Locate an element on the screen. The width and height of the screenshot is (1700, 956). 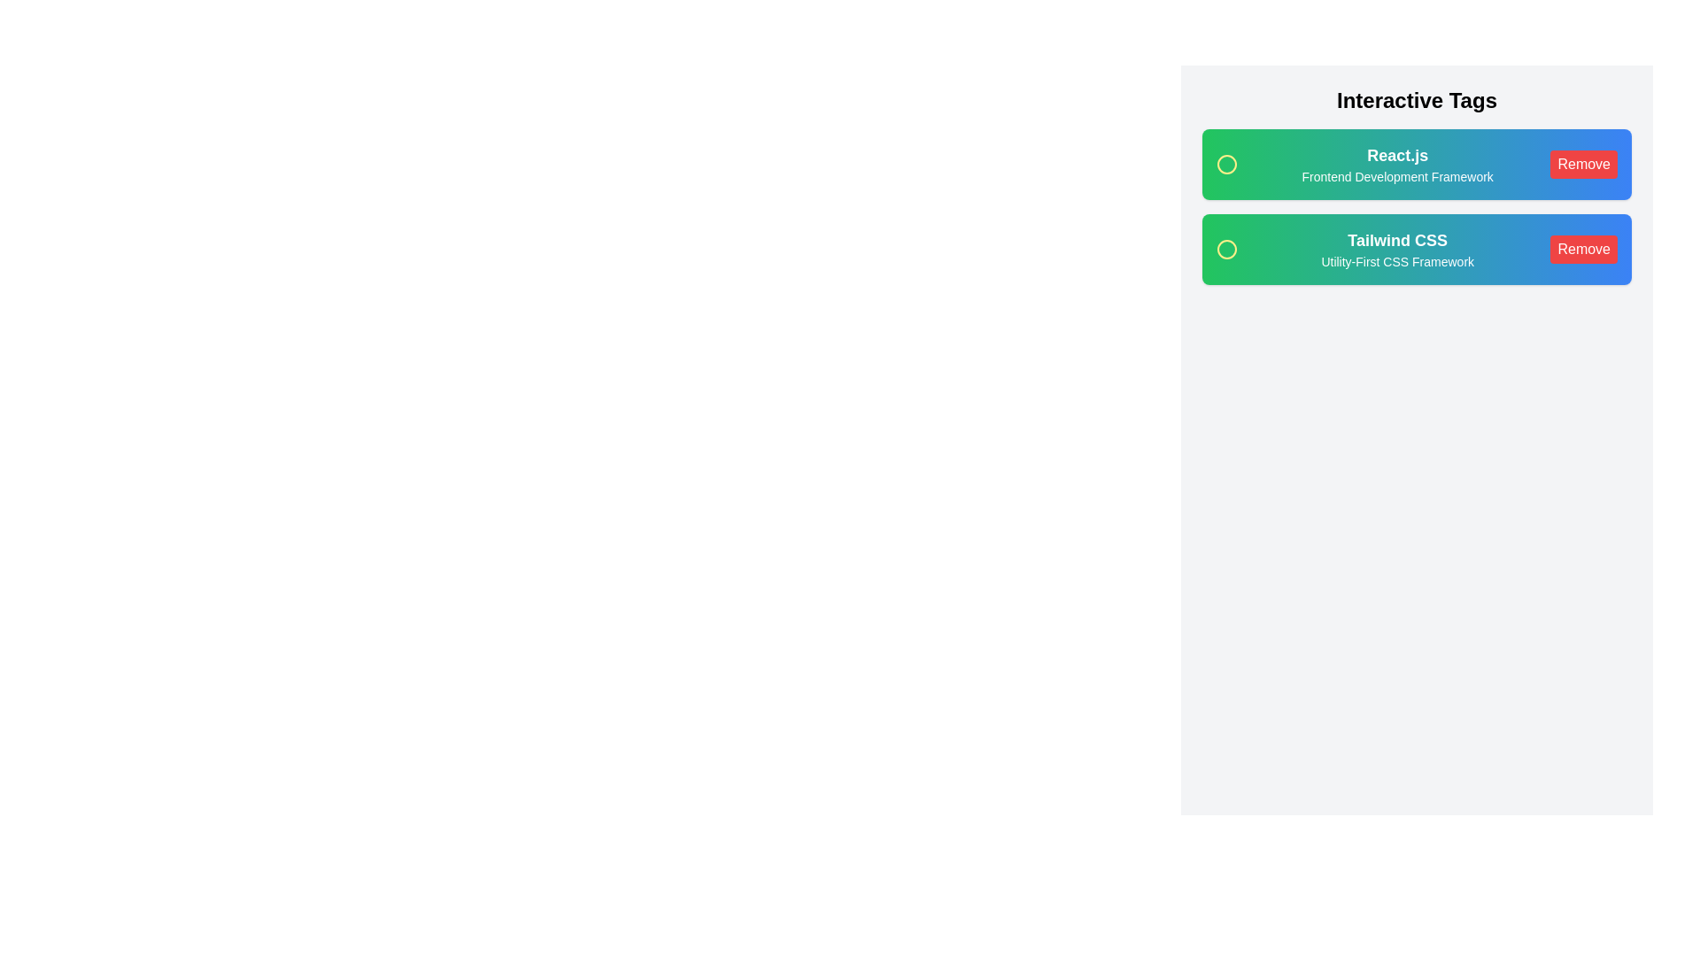
'Remove' button for the chip labeled Tailwind CSS is located at coordinates (1584, 249).